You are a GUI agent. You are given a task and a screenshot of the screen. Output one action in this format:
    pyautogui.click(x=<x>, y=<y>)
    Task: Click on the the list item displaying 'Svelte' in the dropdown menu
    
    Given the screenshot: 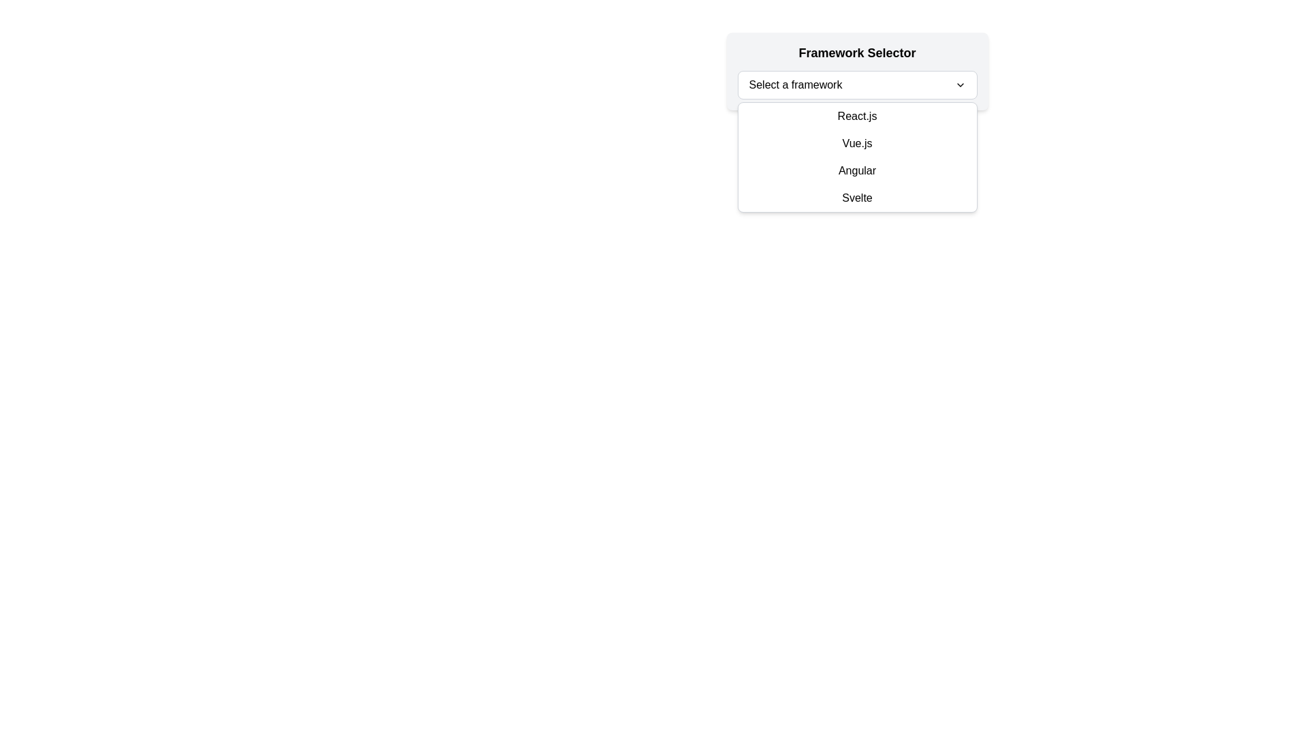 What is the action you would take?
    pyautogui.click(x=856, y=198)
    